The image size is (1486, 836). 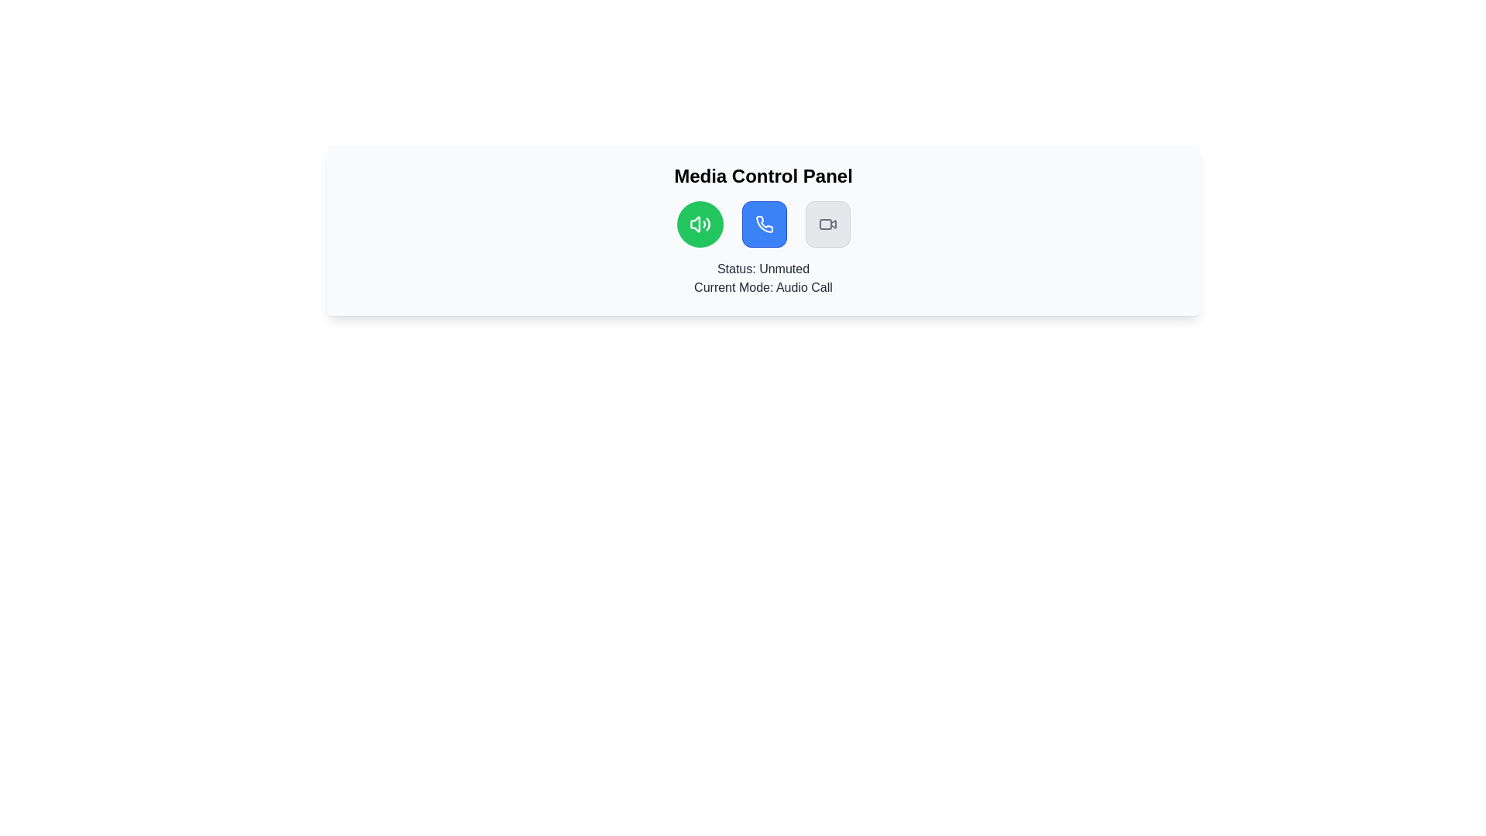 What do you see at coordinates (764, 224) in the screenshot?
I see `the phone icon which is styled with a transparent fill and dark stroke, located within a blue button with rounded corners and white text, positioned between a green speaker button and a gray video camera button` at bounding box center [764, 224].